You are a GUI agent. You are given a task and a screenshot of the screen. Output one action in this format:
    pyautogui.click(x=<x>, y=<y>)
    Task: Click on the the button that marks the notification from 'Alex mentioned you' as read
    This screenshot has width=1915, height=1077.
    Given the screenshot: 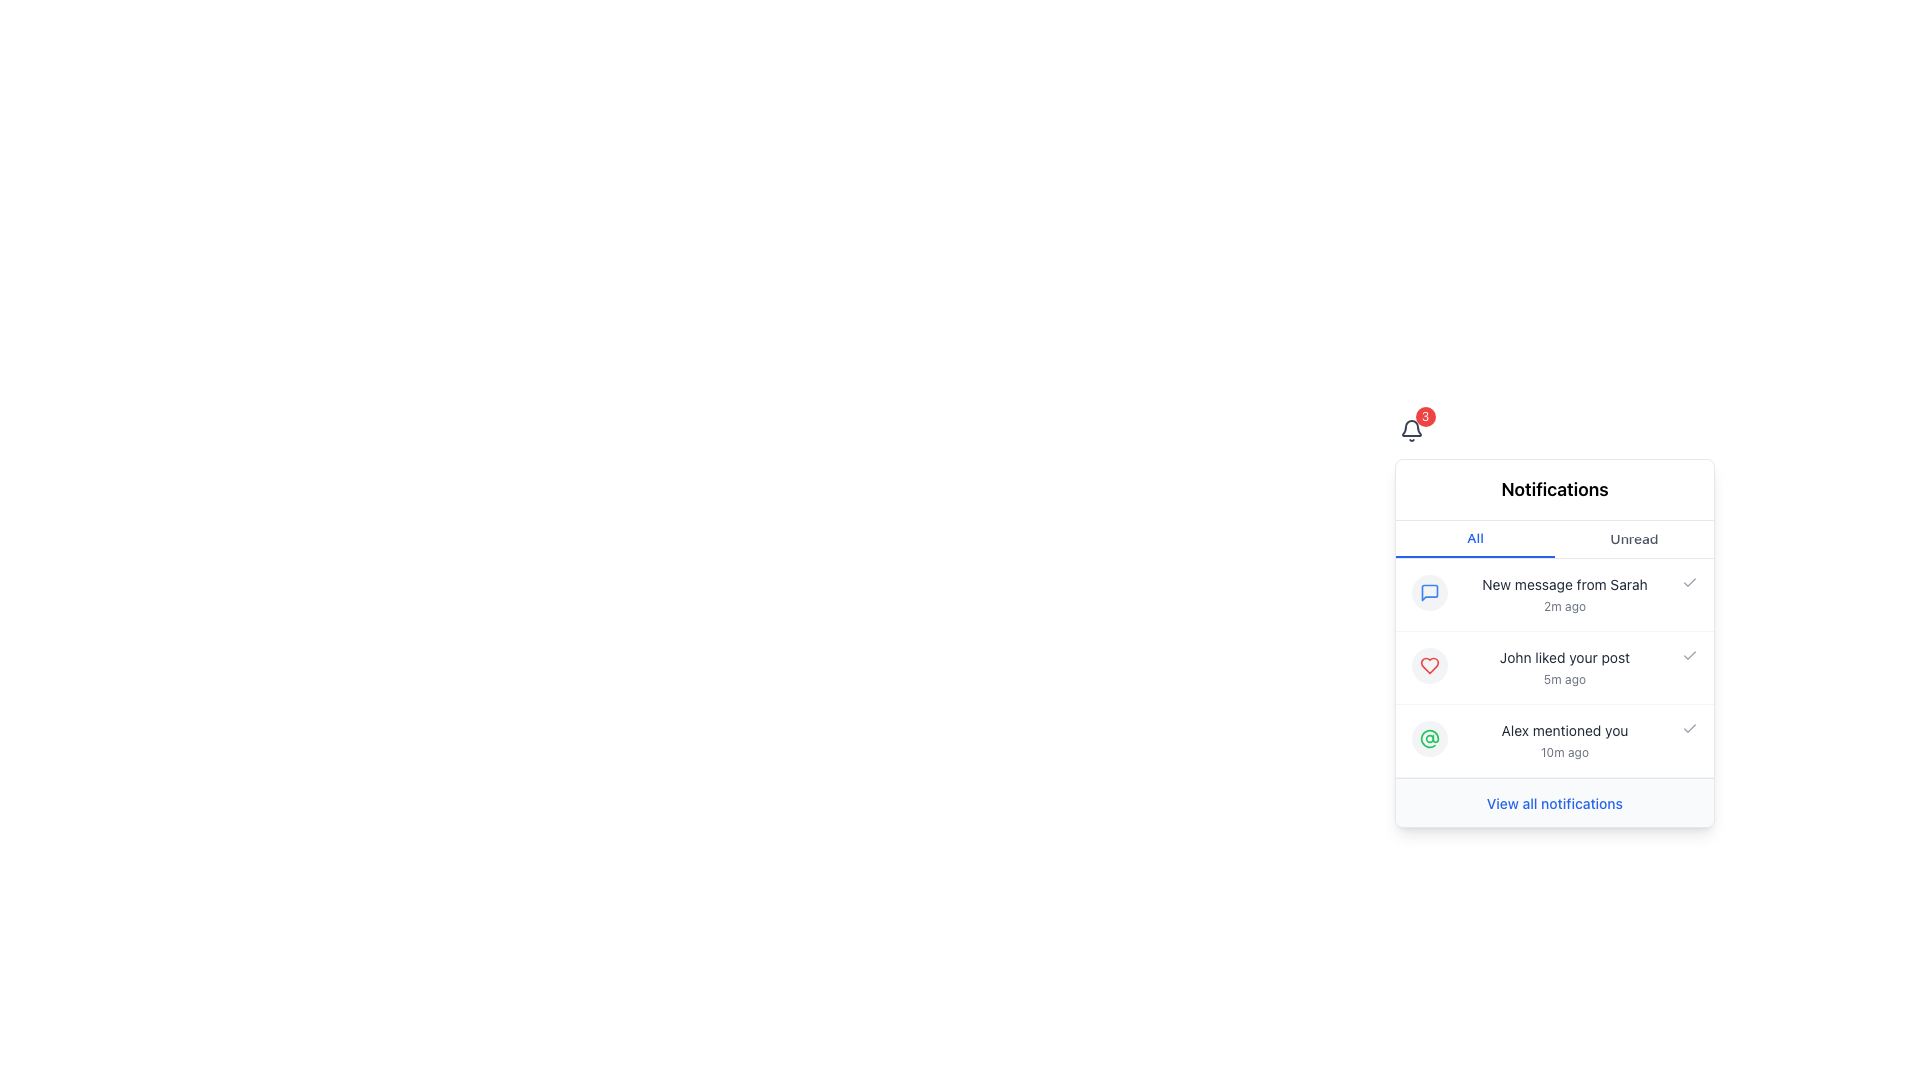 What is the action you would take?
    pyautogui.click(x=1689, y=729)
    